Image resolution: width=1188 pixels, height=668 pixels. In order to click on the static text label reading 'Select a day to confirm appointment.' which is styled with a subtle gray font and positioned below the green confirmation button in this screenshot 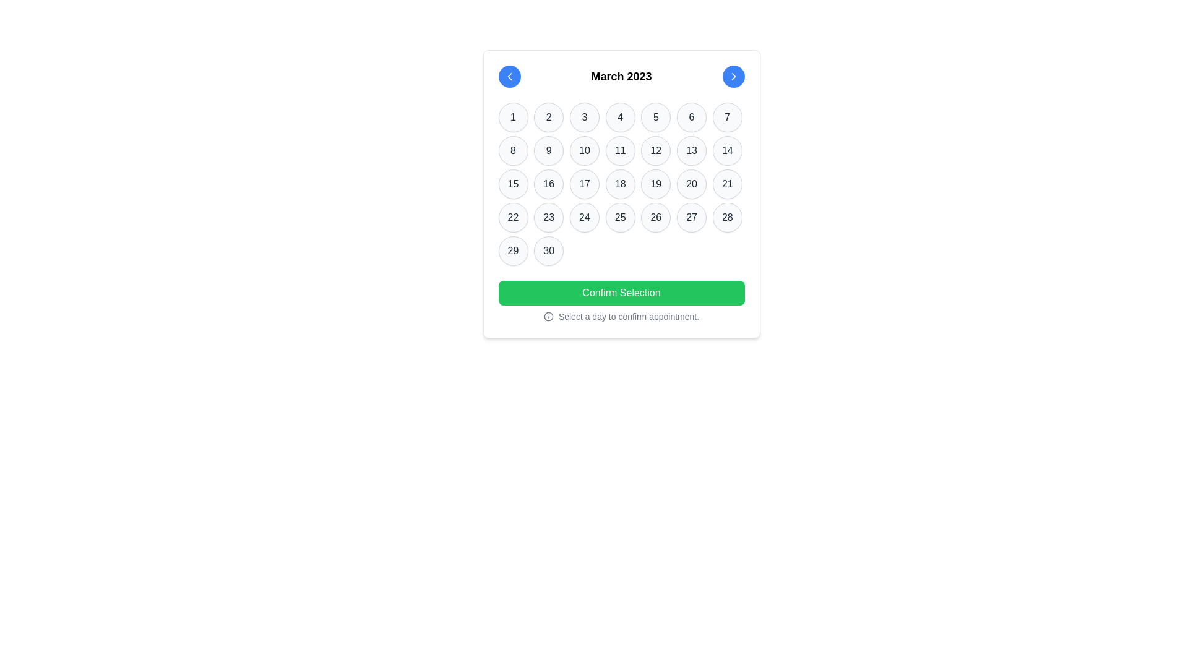, I will do `click(629, 316)`.